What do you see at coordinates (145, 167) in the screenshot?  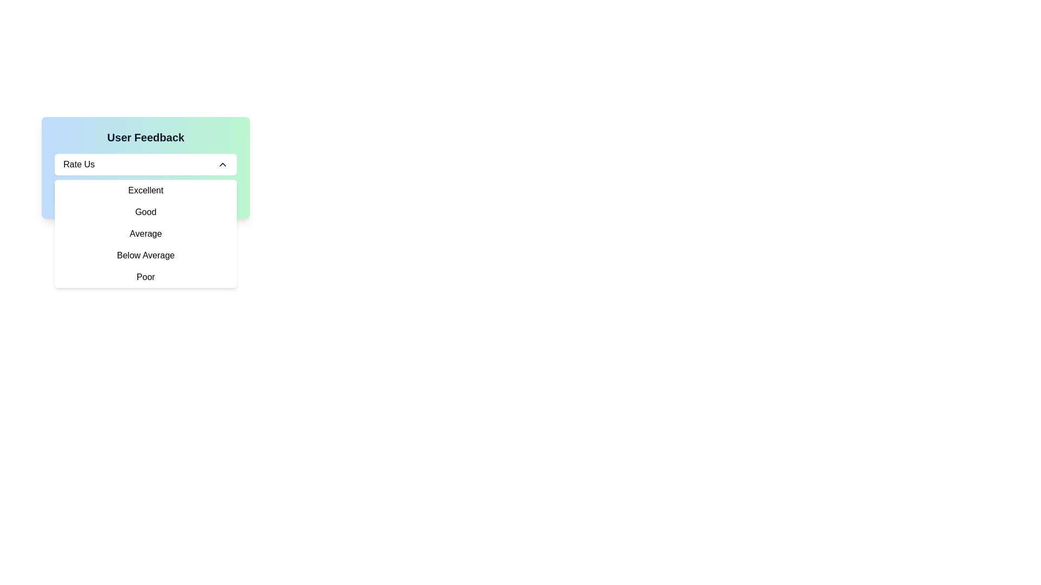 I see `a rating option from the Interactive feedback dropdown component labeled 'Rate Us', which is located in the center-left area of the layout` at bounding box center [145, 167].